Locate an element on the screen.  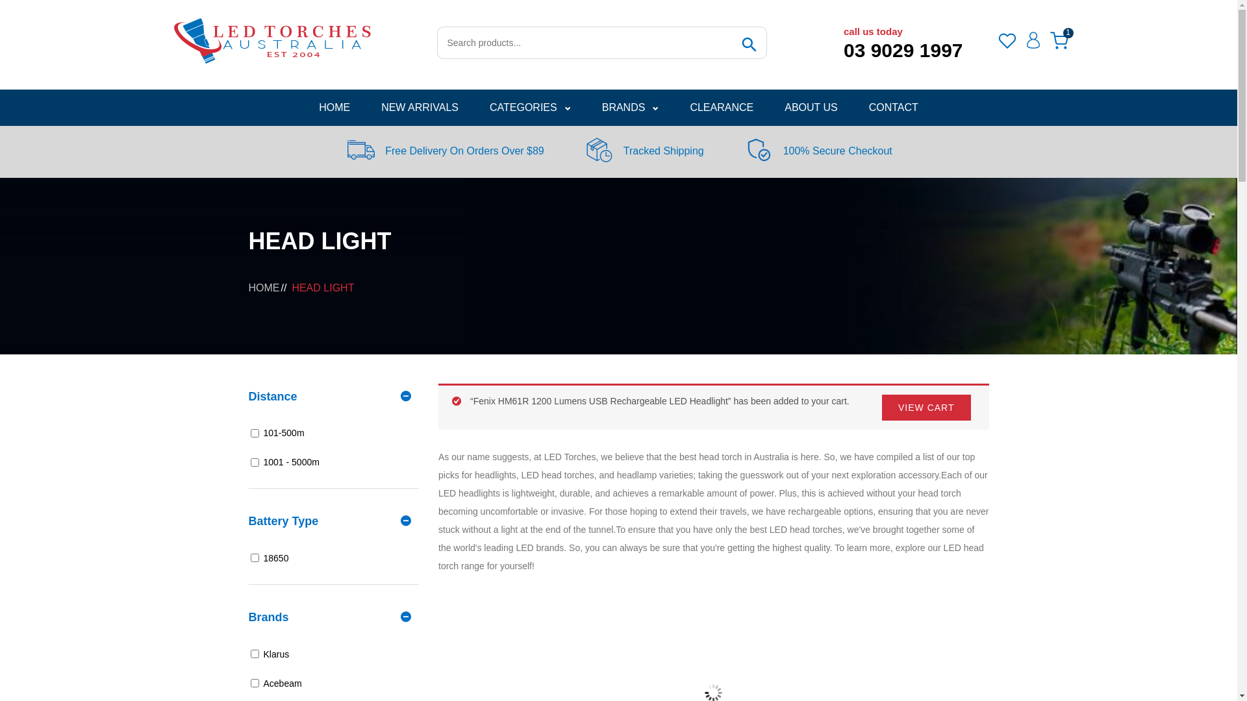
'NEW ARRIVALS' is located at coordinates (420, 106).